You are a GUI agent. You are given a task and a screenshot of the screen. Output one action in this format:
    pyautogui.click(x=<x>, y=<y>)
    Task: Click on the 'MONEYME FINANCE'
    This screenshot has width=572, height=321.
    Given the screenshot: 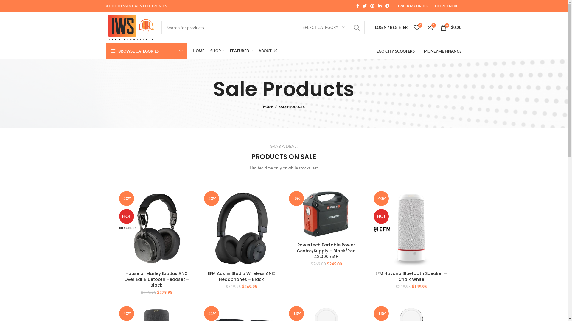 What is the action you would take?
    pyautogui.click(x=442, y=51)
    